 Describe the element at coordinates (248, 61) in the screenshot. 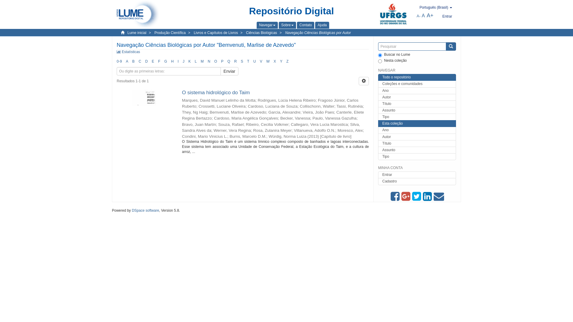

I see `'T'` at that location.